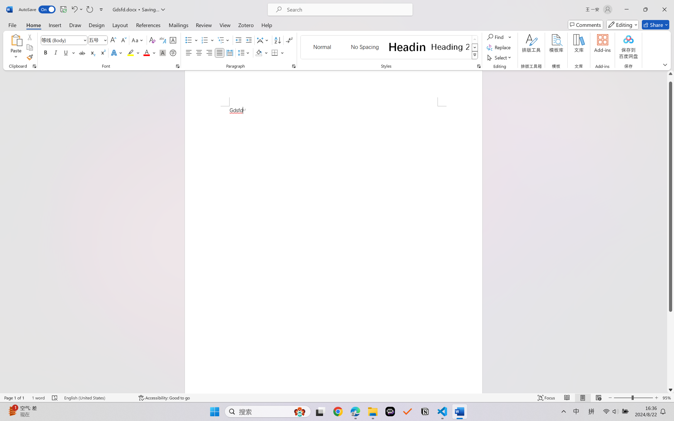 Image resolution: width=674 pixels, height=421 pixels. I want to click on 'Character Border', so click(173, 40).